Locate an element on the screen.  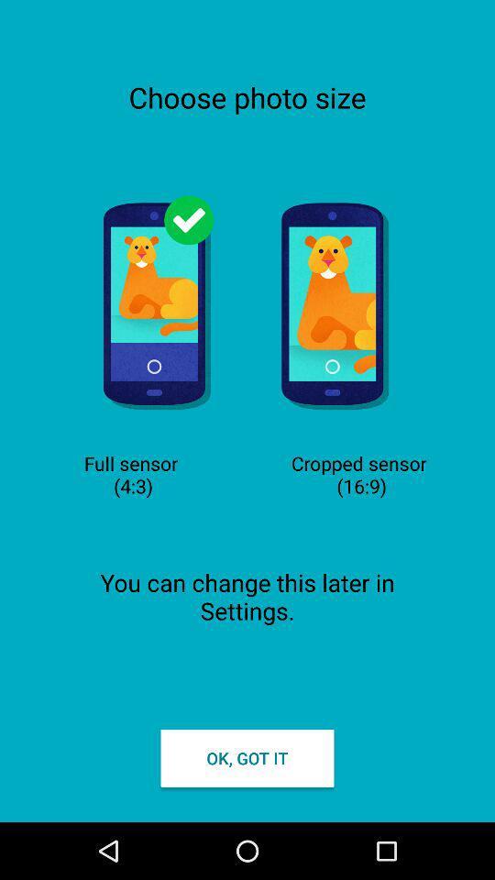
the ok, got it button is located at coordinates (247, 758).